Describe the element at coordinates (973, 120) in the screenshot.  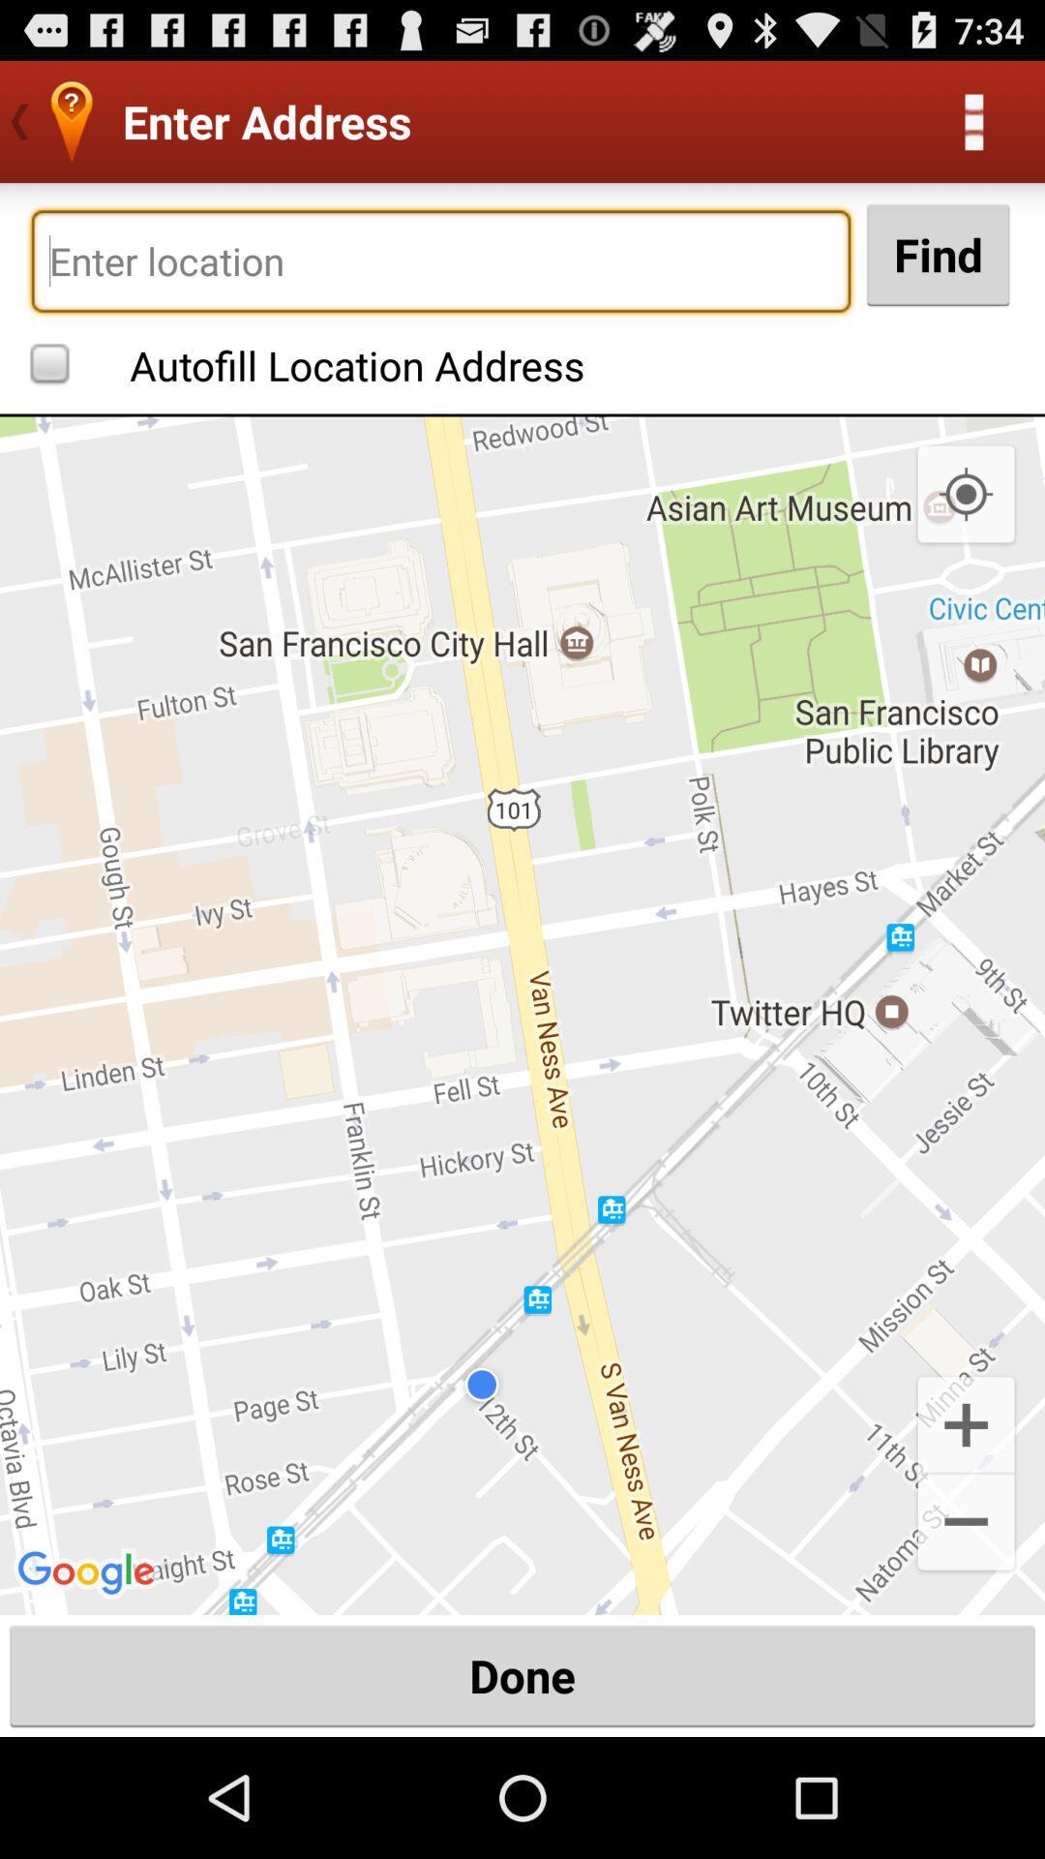
I see `the icon next to enter address icon` at that location.